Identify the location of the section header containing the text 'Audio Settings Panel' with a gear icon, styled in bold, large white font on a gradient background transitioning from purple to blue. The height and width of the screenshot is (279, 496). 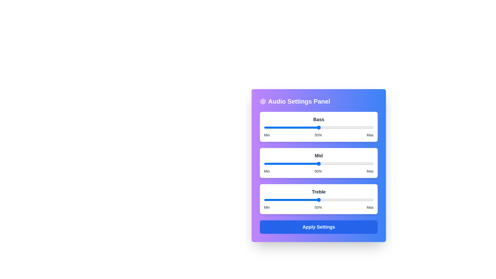
(318, 102).